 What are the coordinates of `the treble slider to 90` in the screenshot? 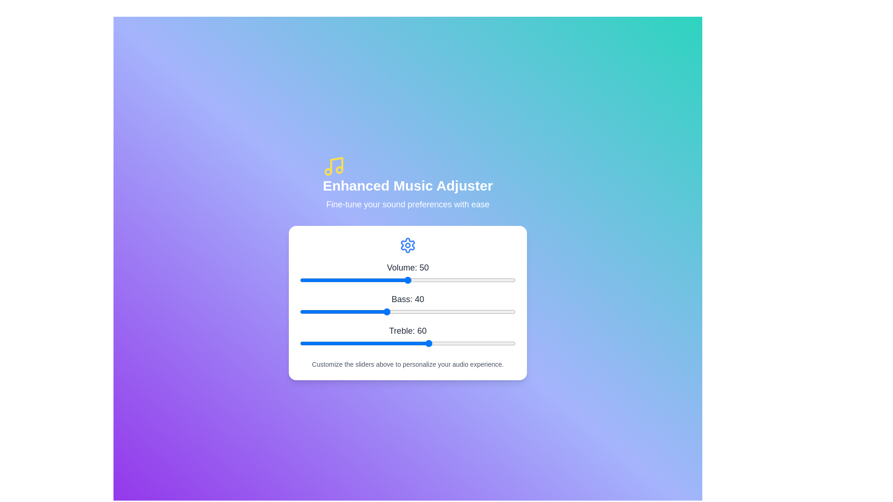 It's located at (493, 343).